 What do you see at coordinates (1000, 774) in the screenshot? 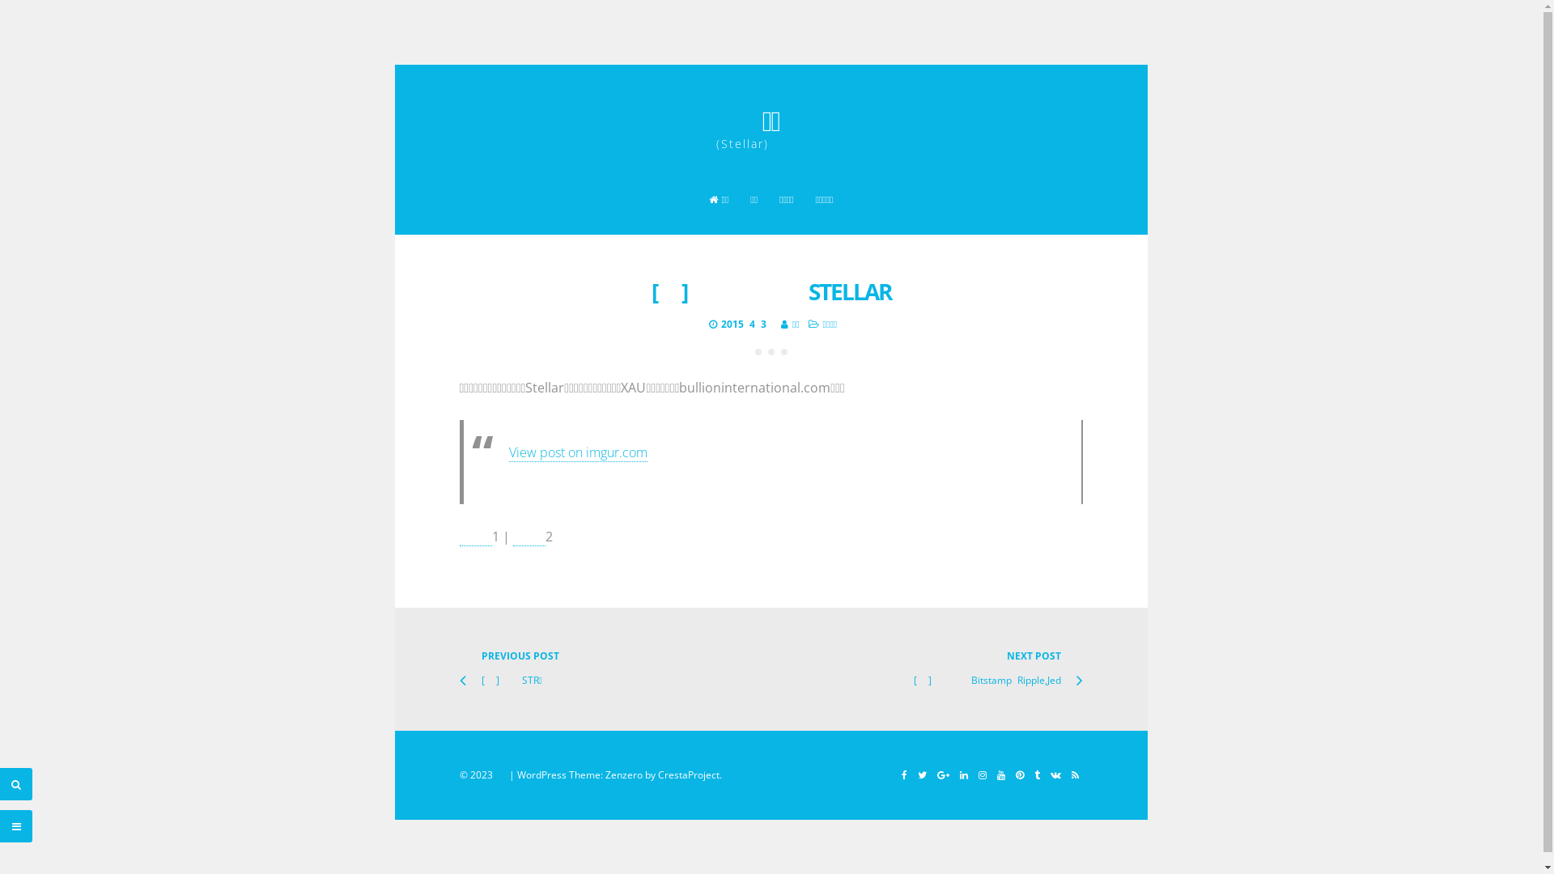
I see `'YouTube'` at bounding box center [1000, 774].